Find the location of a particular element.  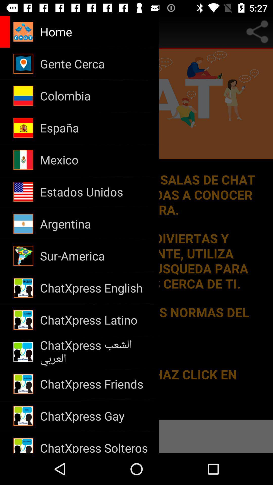

the chatxpress friends icon is located at coordinates (96, 384).